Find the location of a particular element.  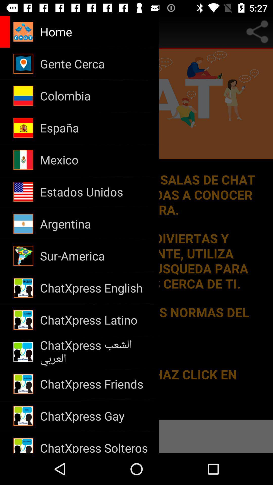

the chatxpress friends icon is located at coordinates (96, 384).